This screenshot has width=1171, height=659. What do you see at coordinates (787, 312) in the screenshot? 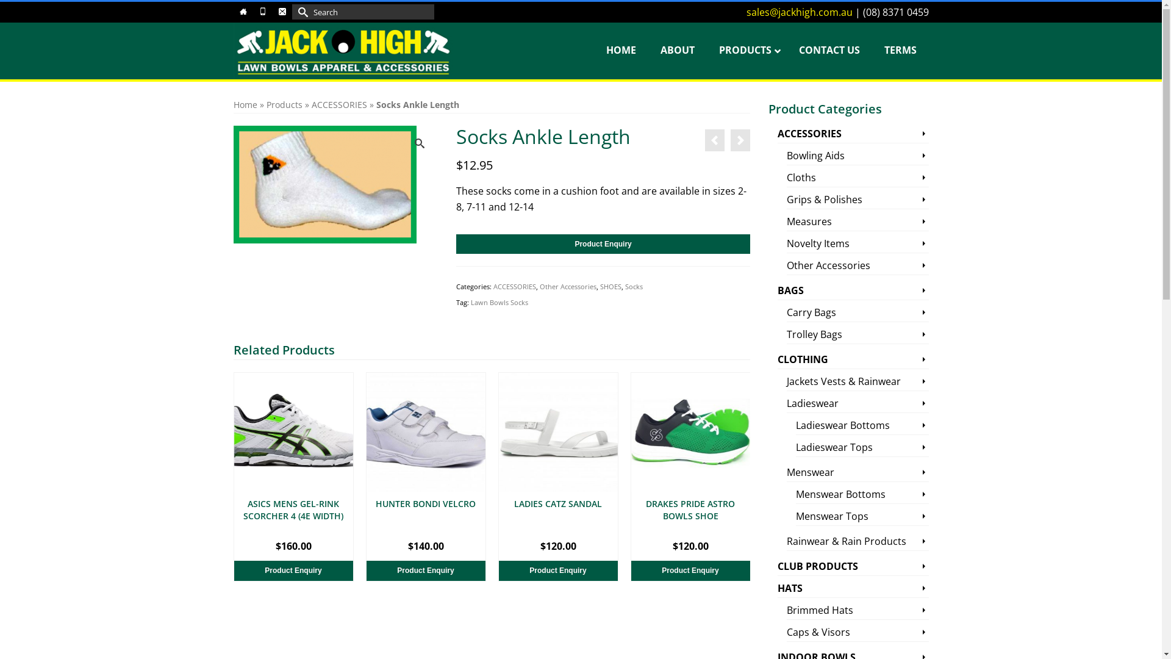
I see `'Carry Bags'` at bounding box center [787, 312].